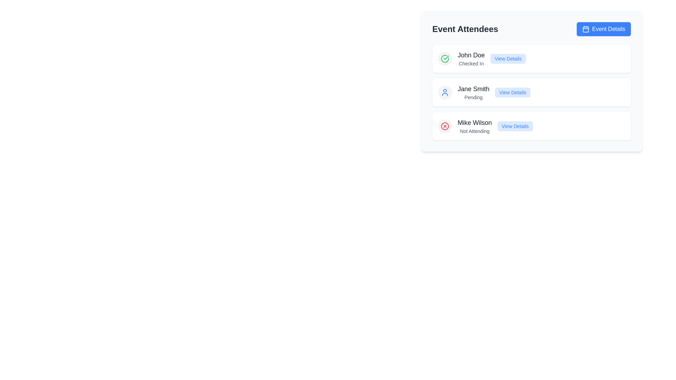  What do you see at coordinates (532, 92) in the screenshot?
I see `the List item for 'Jane Smith' in the 'Event Attendees' section to provide additional visual feedback` at bounding box center [532, 92].